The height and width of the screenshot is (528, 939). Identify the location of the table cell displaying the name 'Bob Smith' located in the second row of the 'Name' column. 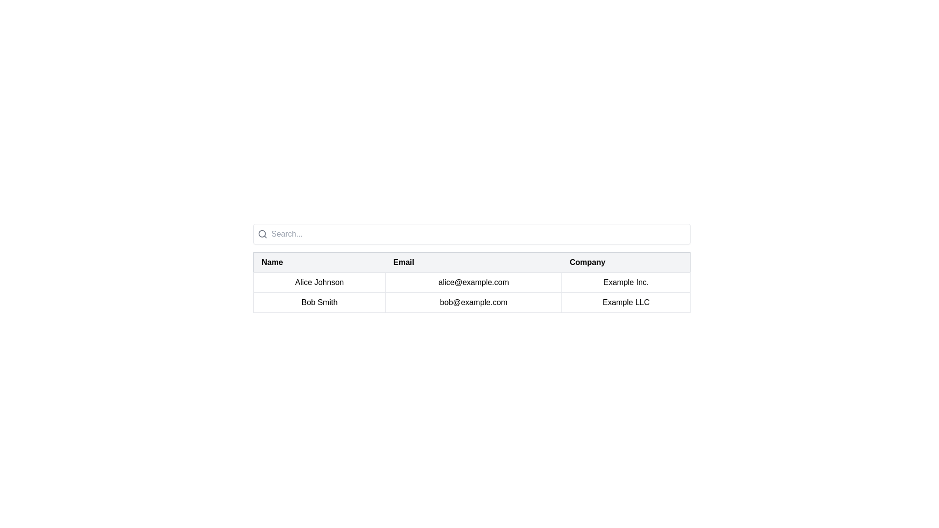
(319, 302).